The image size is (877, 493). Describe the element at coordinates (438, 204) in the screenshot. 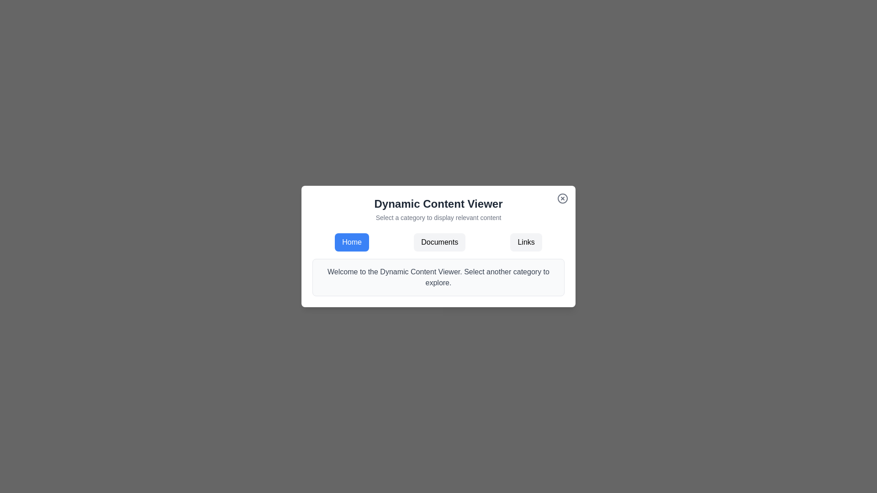

I see `the 'Dynamic Content Viewer' text label, which is styled in a large bold font and colored in dark gray (#4A4A4A), located at the top-center of the white modal dialog` at that location.